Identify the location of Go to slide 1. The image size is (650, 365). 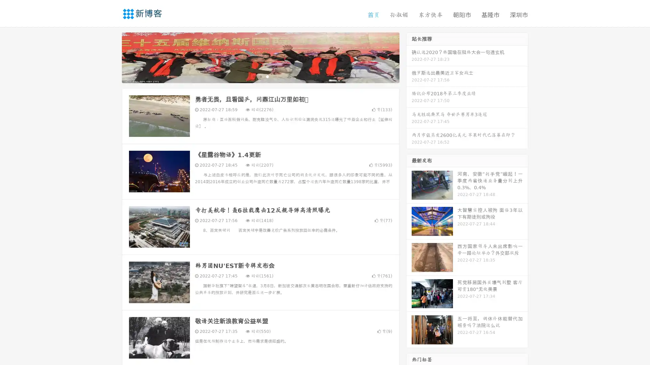
(253, 76).